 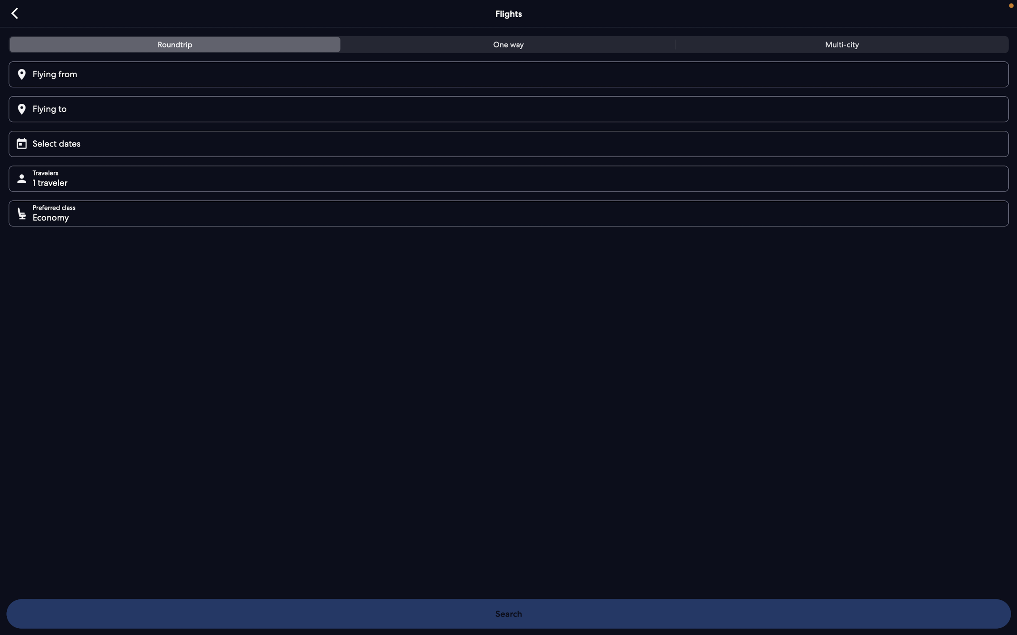 What do you see at coordinates (839, 46) in the screenshot?
I see `multi-city flight option` at bounding box center [839, 46].